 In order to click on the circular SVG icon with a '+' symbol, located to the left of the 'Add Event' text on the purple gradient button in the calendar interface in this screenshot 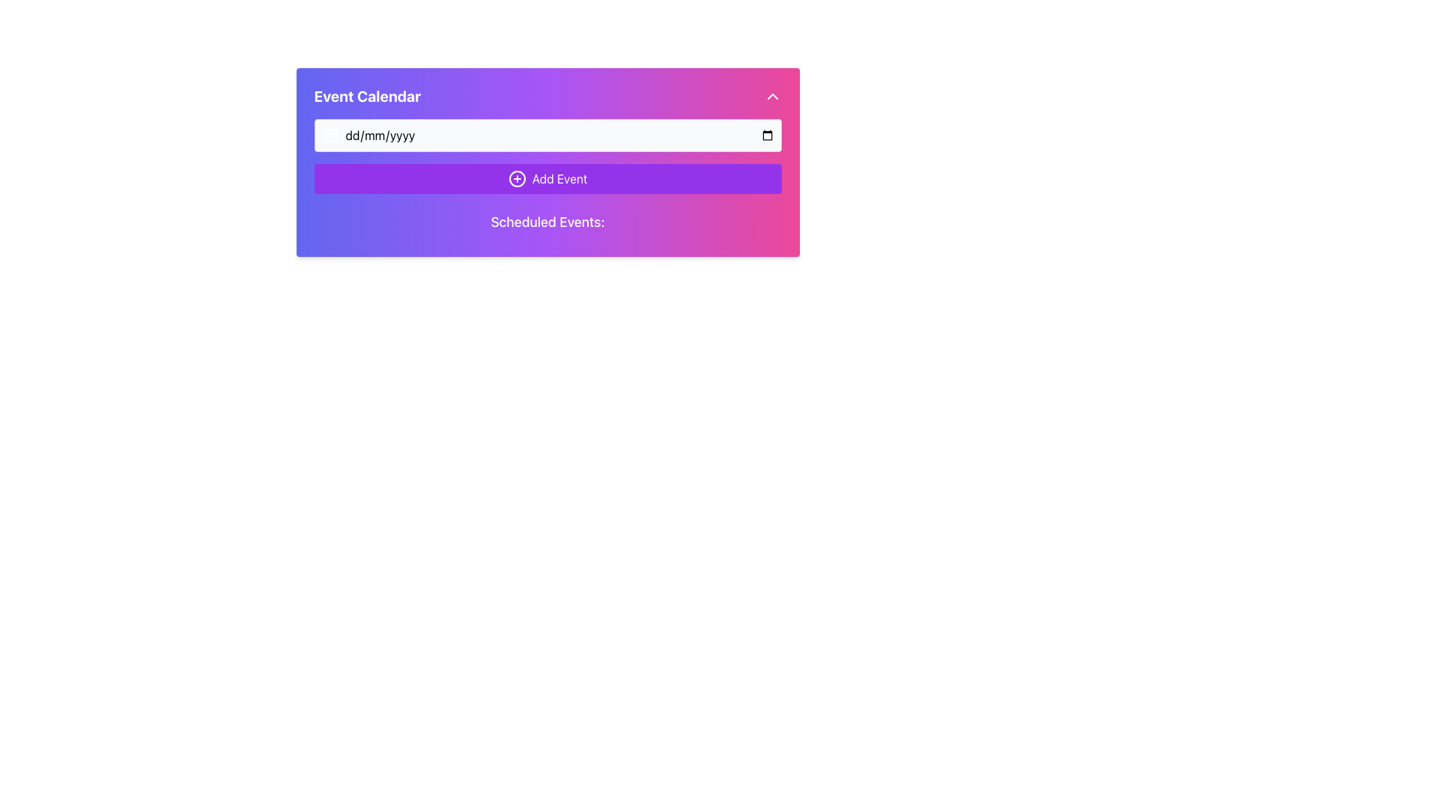, I will do `click(517, 178)`.